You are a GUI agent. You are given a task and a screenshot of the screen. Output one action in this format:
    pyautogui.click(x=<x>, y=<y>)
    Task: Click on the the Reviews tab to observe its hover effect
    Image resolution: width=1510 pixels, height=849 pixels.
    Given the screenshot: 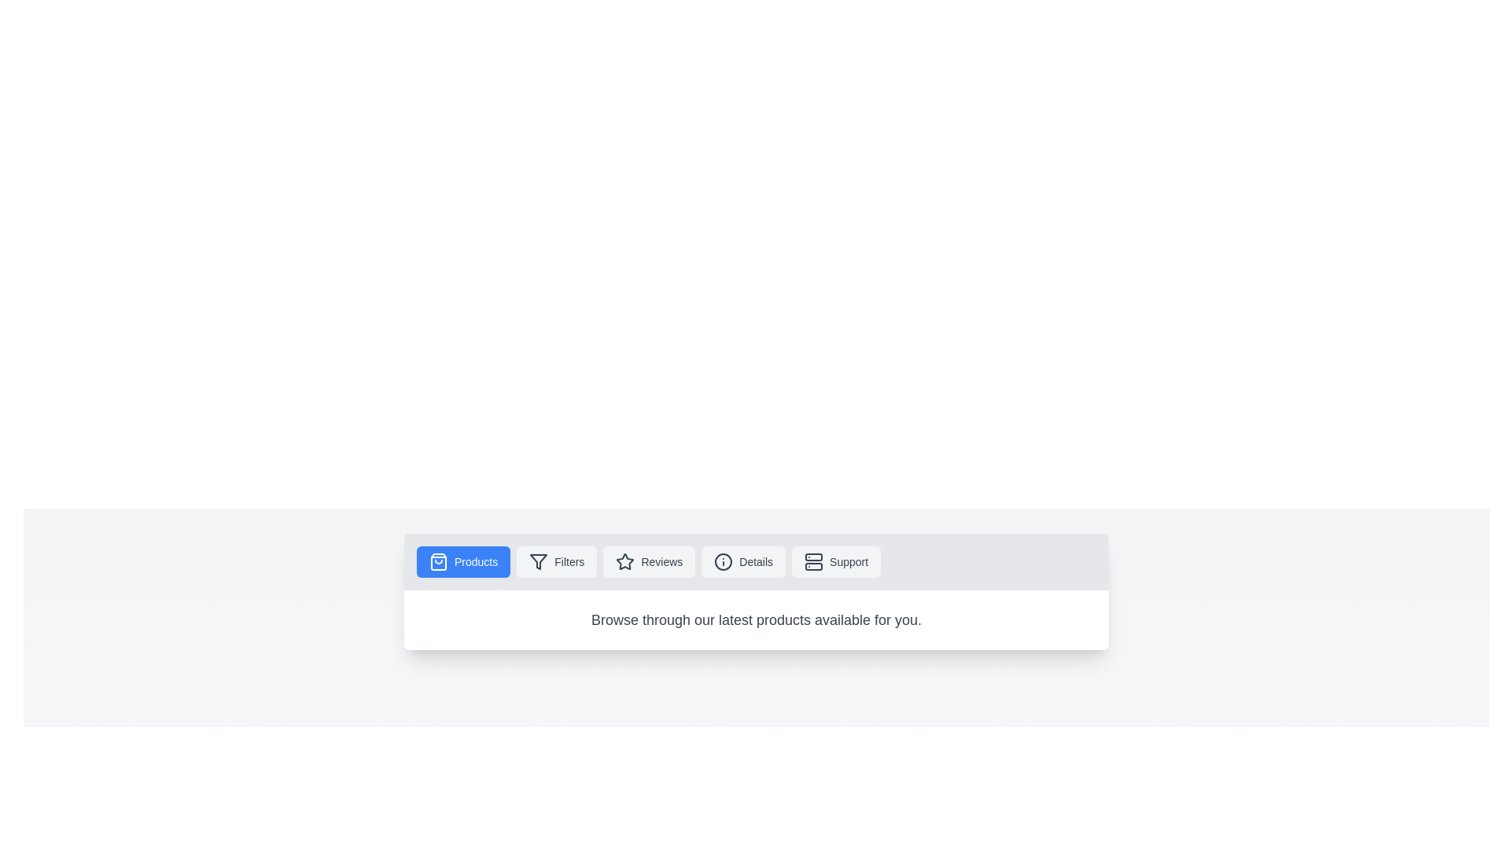 What is the action you would take?
    pyautogui.click(x=649, y=560)
    